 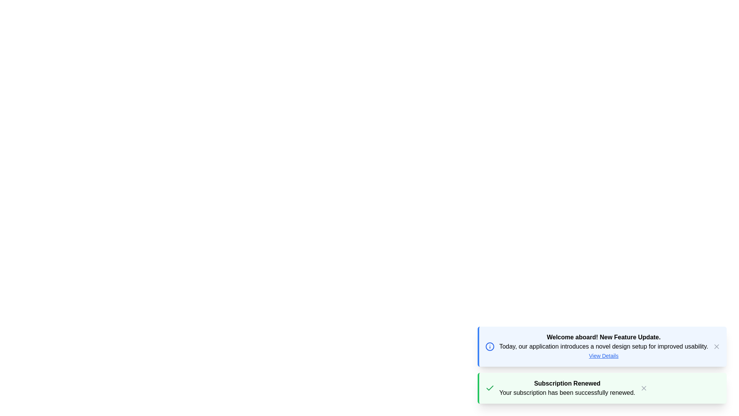 What do you see at coordinates (603, 356) in the screenshot?
I see `the 'View Details' link in the notification system` at bounding box center [603, 356].